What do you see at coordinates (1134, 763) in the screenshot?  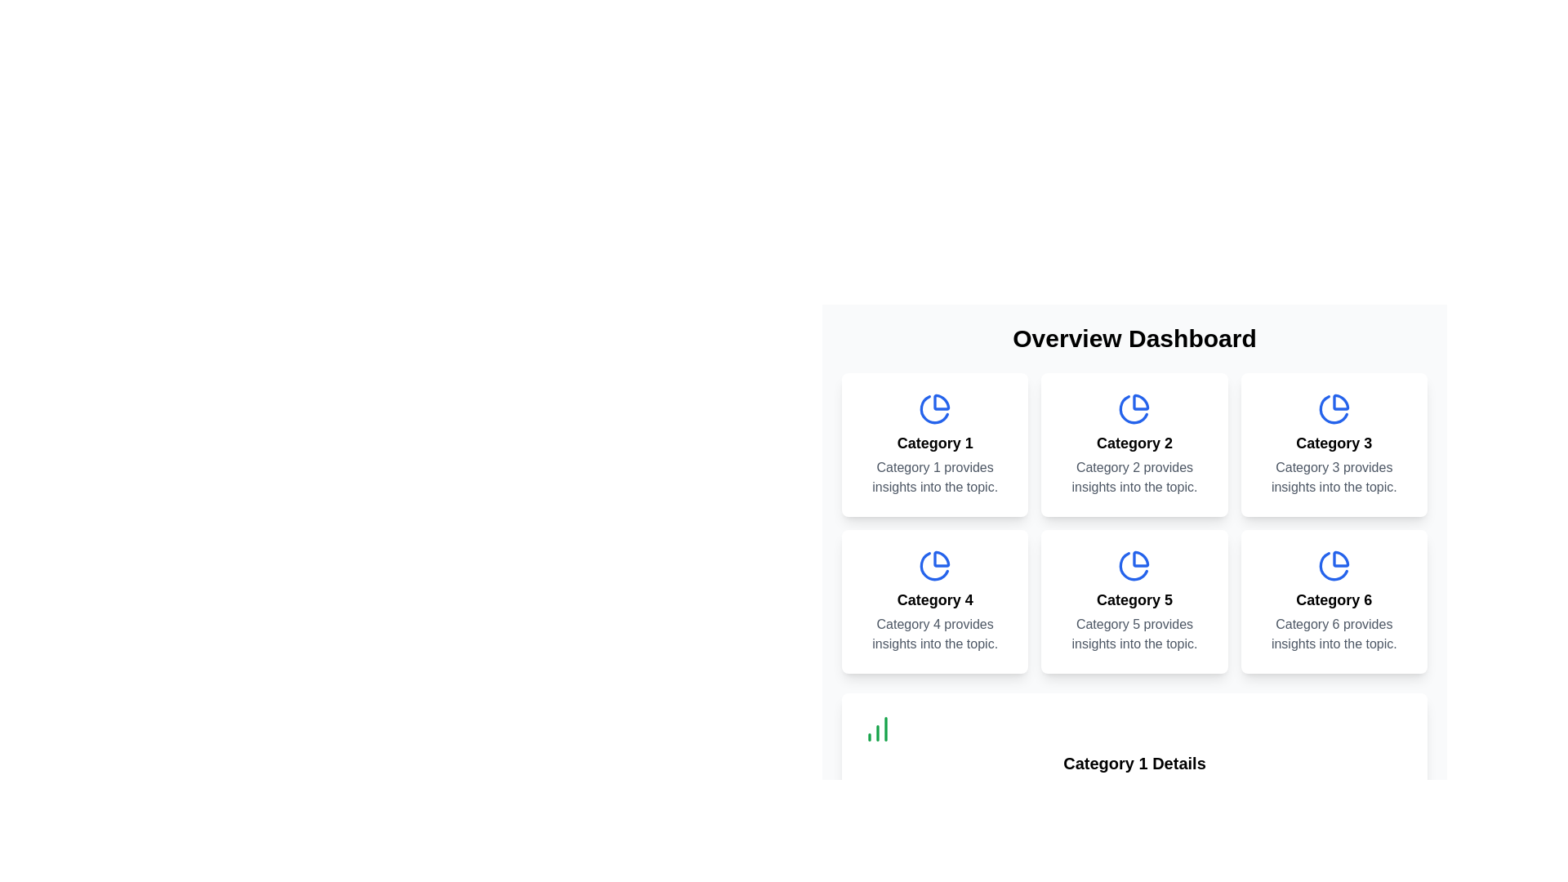 I see `text displayed in the text label, which states 'Category 1 Details', prominently shown in bold font style` at bounding box center [1134, 763].